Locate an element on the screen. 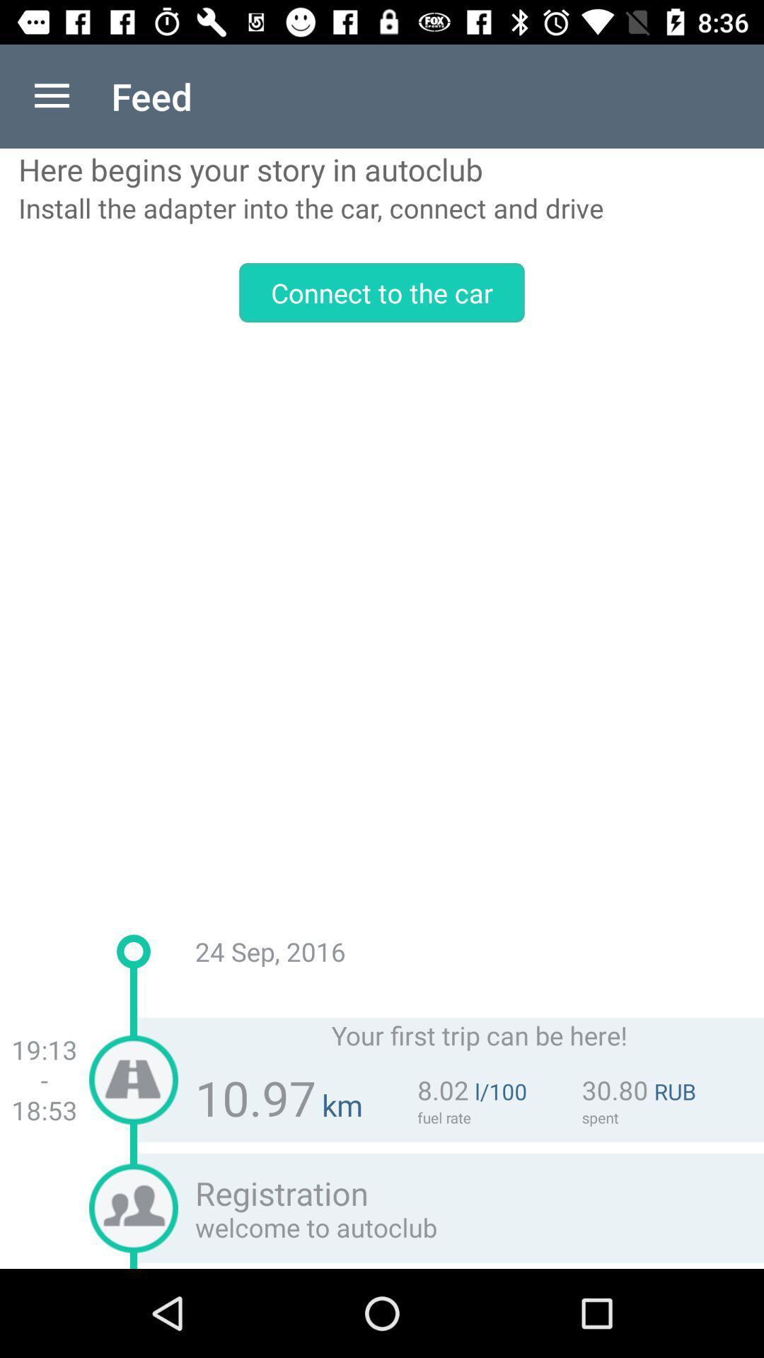 The image size is (764, 1358). app next to feed app is located at coordinates (51, 95).